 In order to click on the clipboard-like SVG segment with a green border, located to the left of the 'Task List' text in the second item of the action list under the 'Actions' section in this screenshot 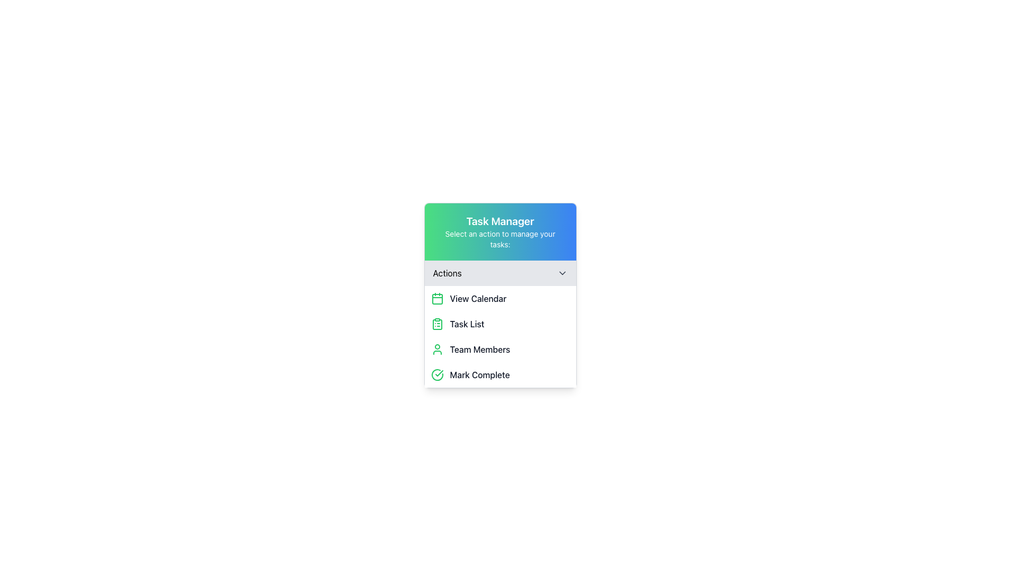, I will do `click(437, 324)`.